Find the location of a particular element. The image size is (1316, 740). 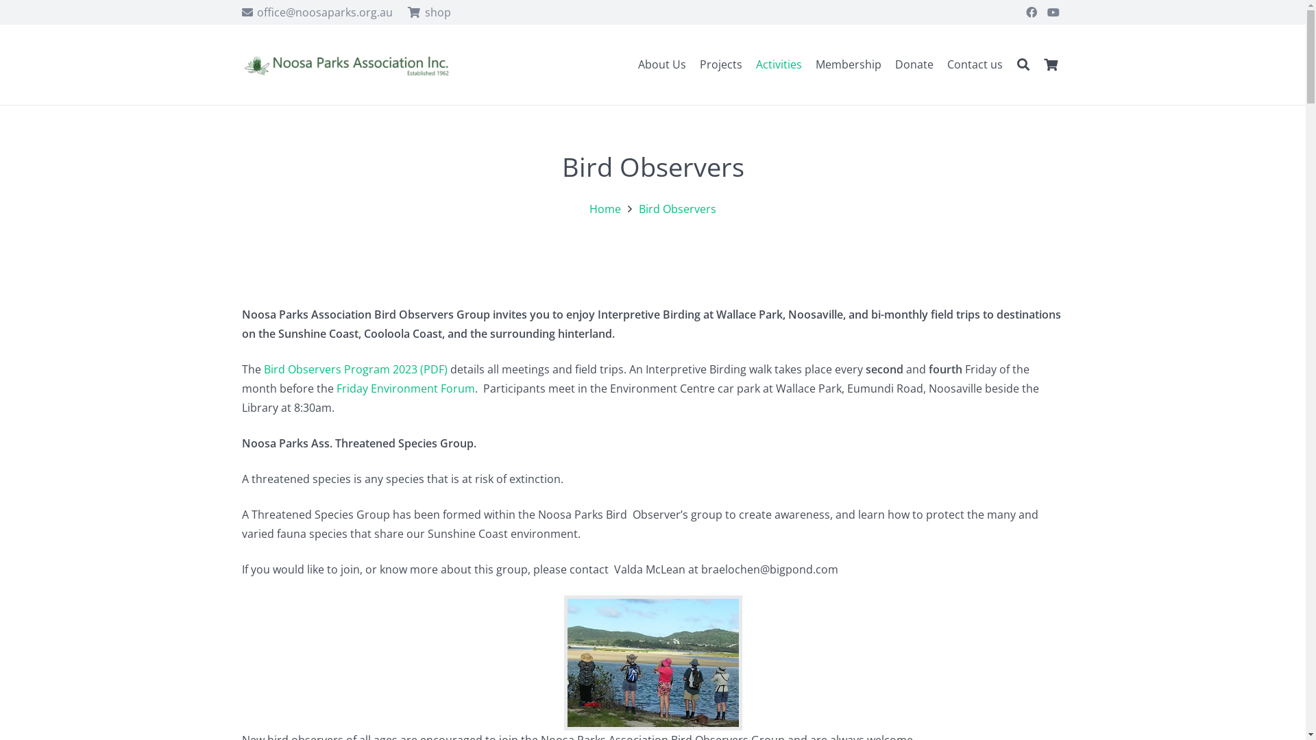

'office@noosaparks.org.au' is located at coordinates (315, 12).